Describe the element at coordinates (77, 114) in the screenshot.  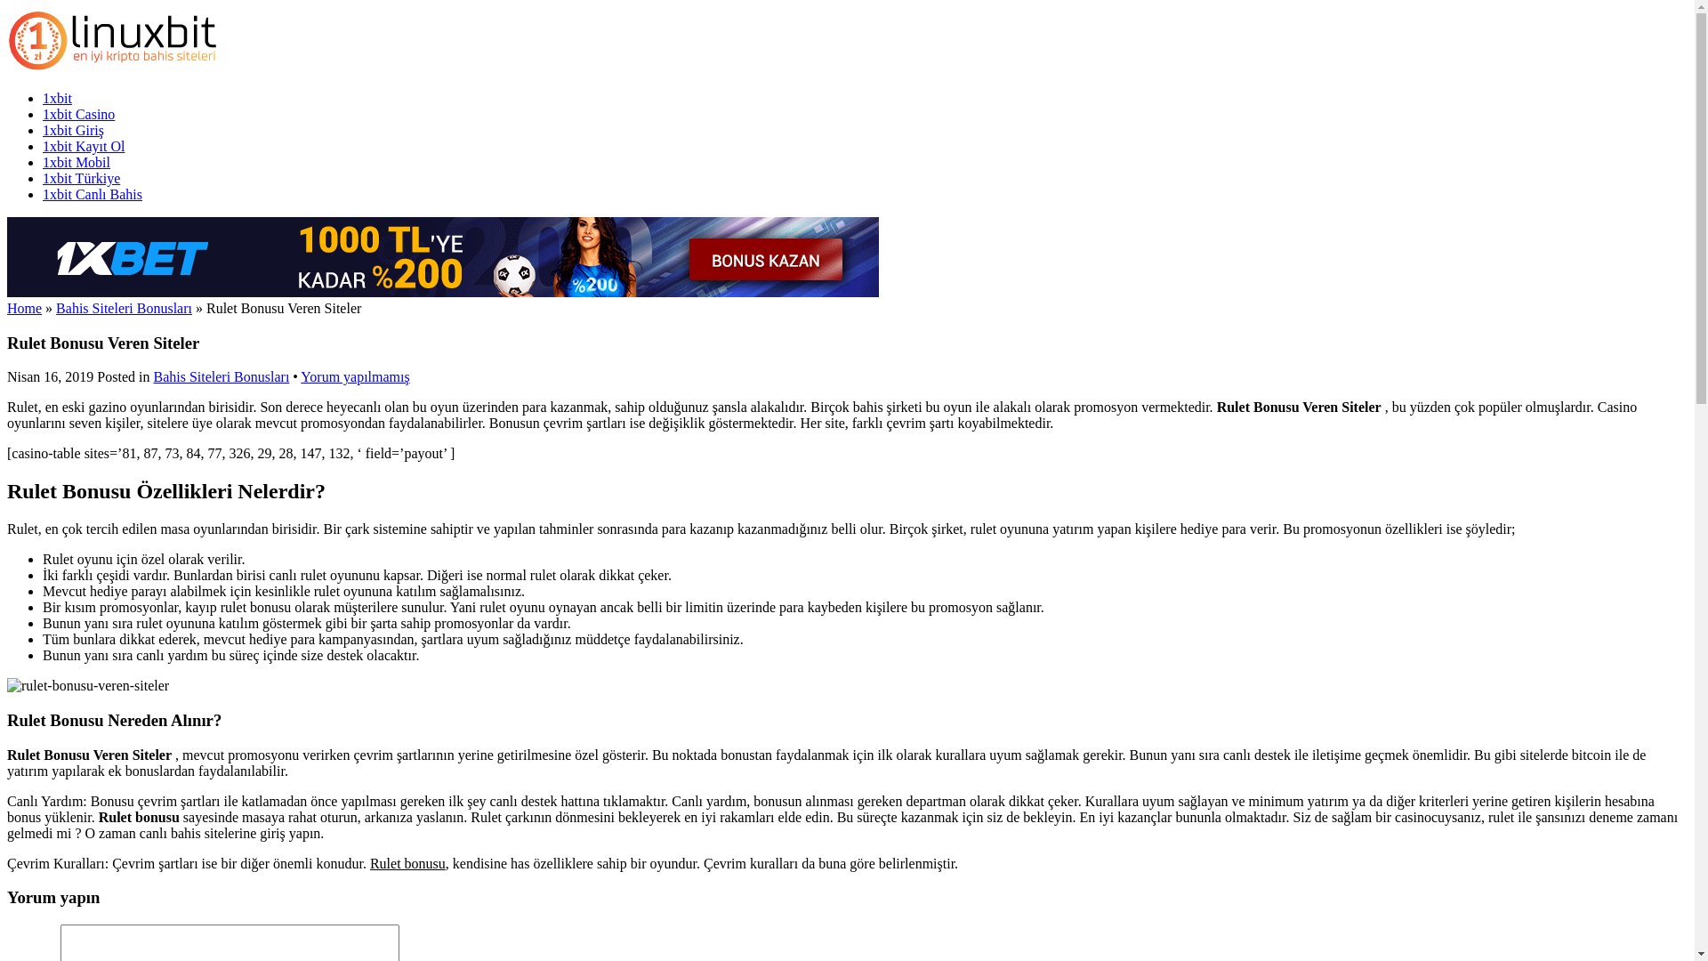
I see `'1xbit Casino'` at that location.